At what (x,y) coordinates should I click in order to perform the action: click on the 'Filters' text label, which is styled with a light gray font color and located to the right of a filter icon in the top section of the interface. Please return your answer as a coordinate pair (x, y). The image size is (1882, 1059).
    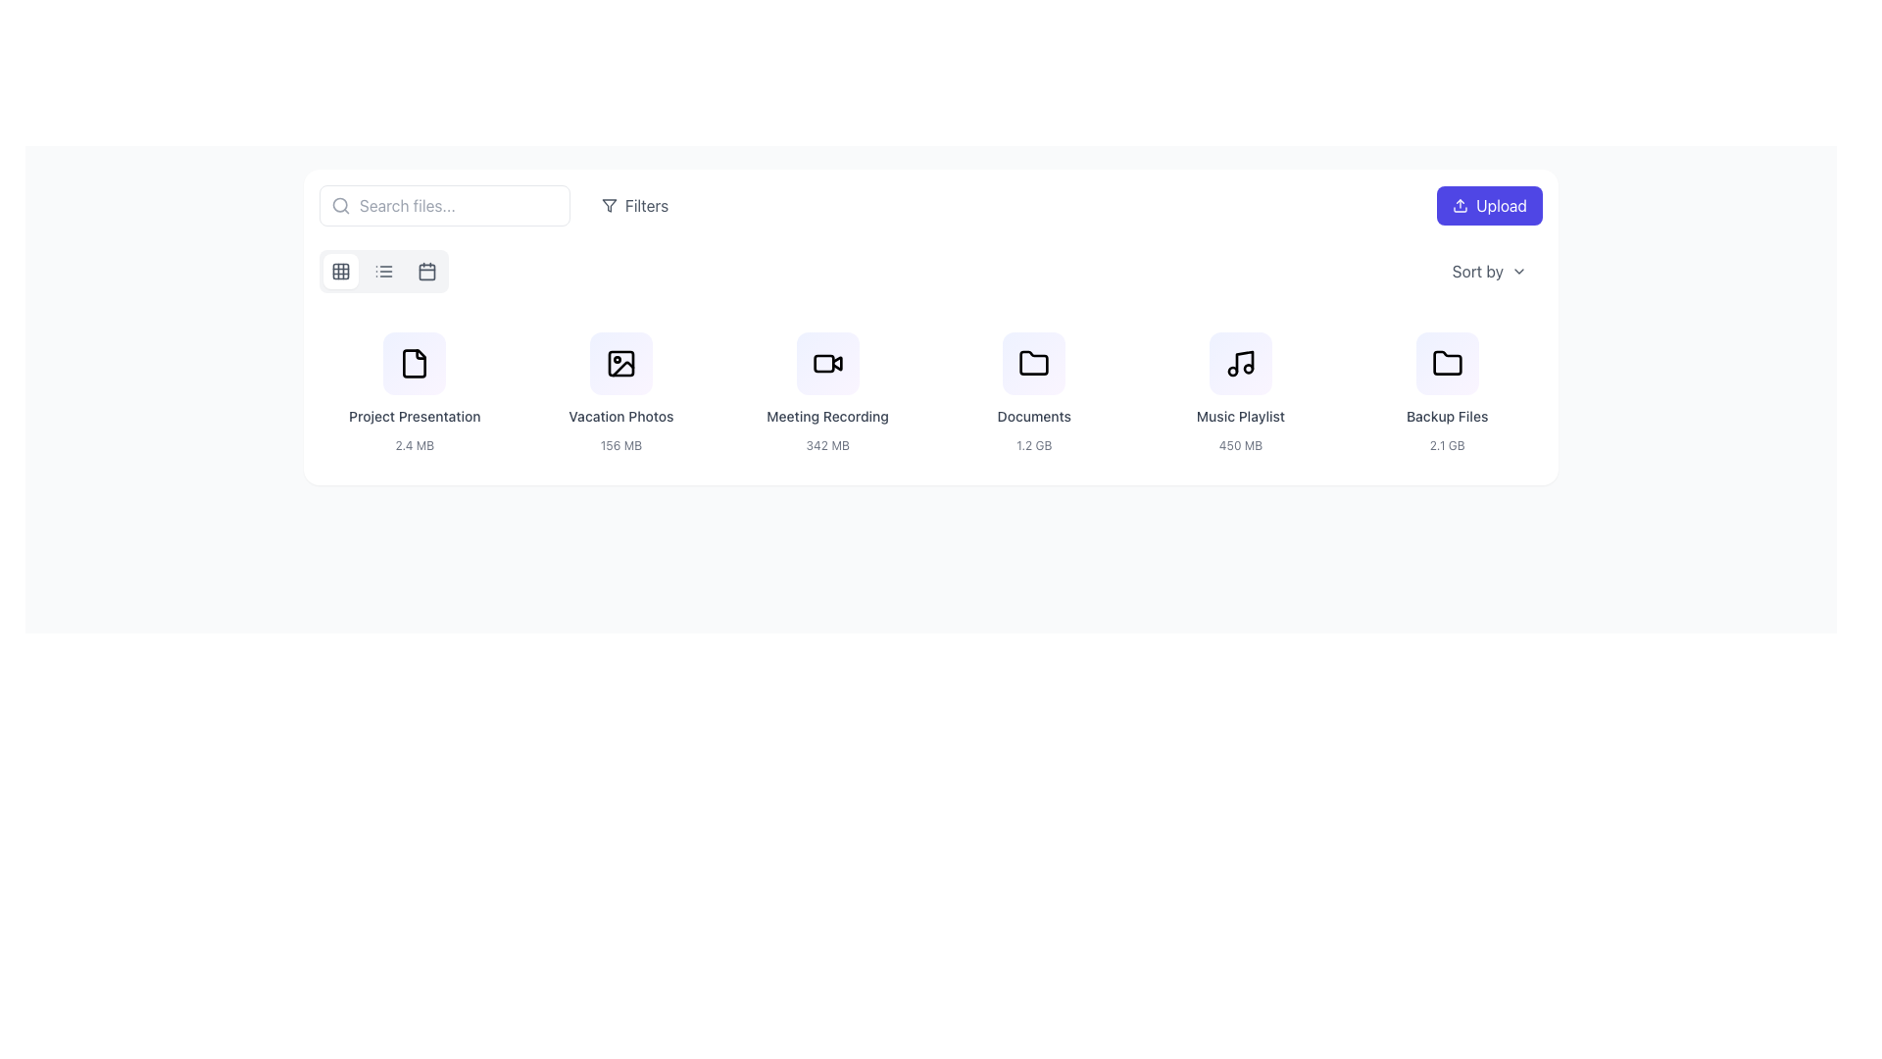
    Looking at the image, I should click on (647, 205).